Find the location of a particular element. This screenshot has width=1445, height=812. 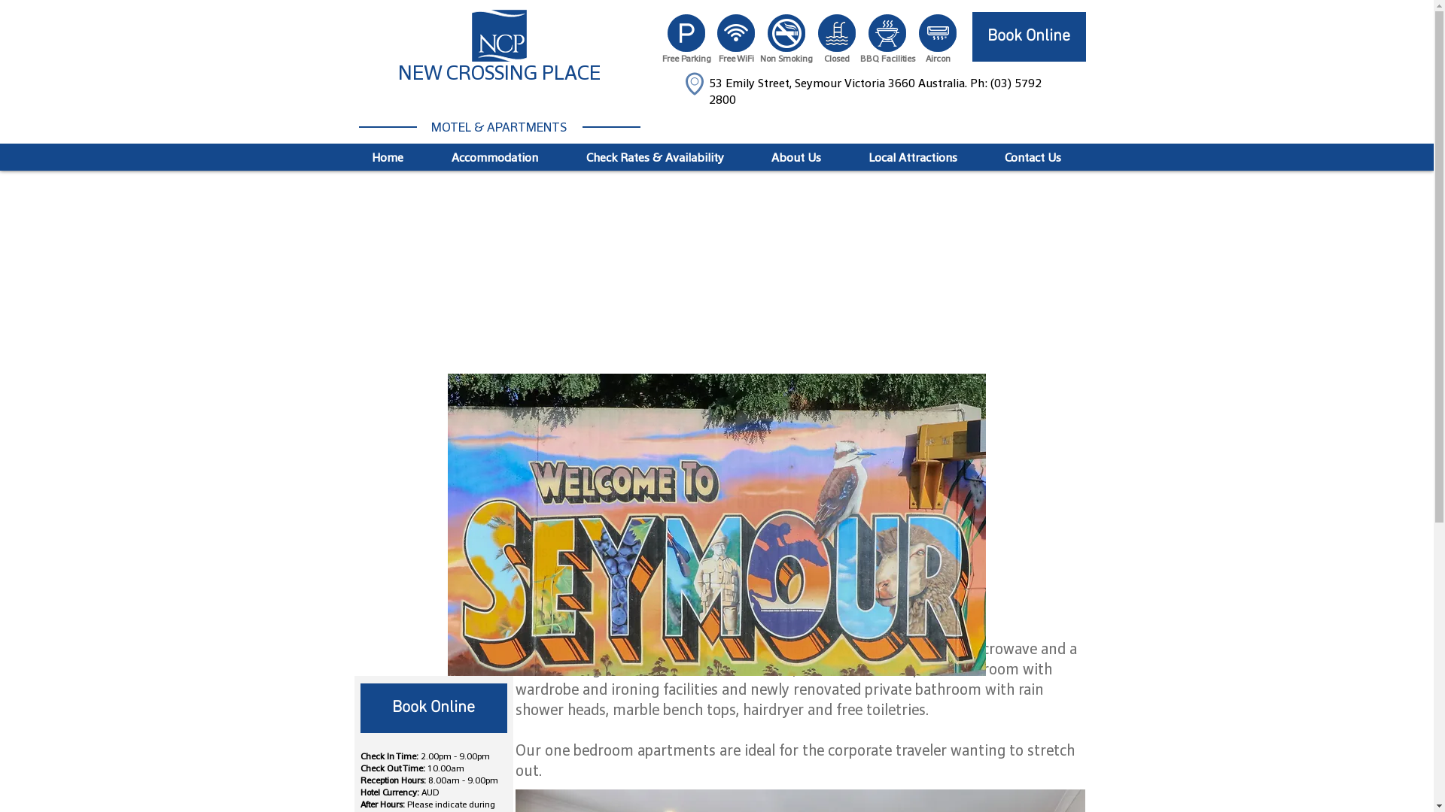

'logo.png' is located at coordinates (498, 35).